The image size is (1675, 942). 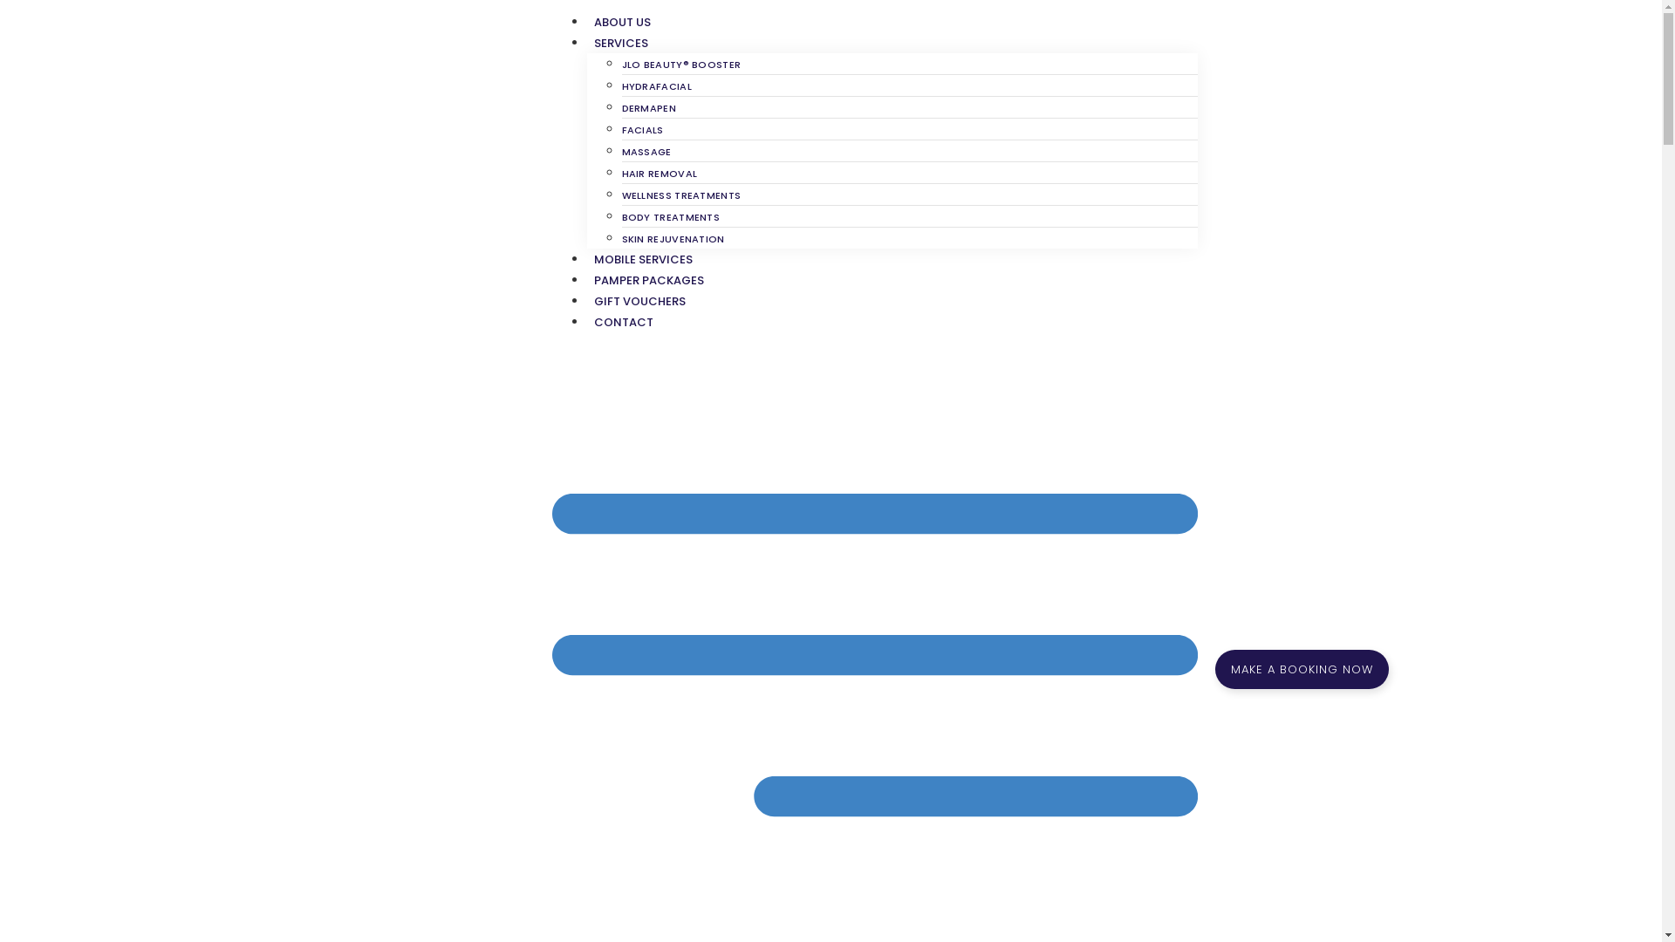 I want to click on 'ABOUT US', so click(x=586, y=22).